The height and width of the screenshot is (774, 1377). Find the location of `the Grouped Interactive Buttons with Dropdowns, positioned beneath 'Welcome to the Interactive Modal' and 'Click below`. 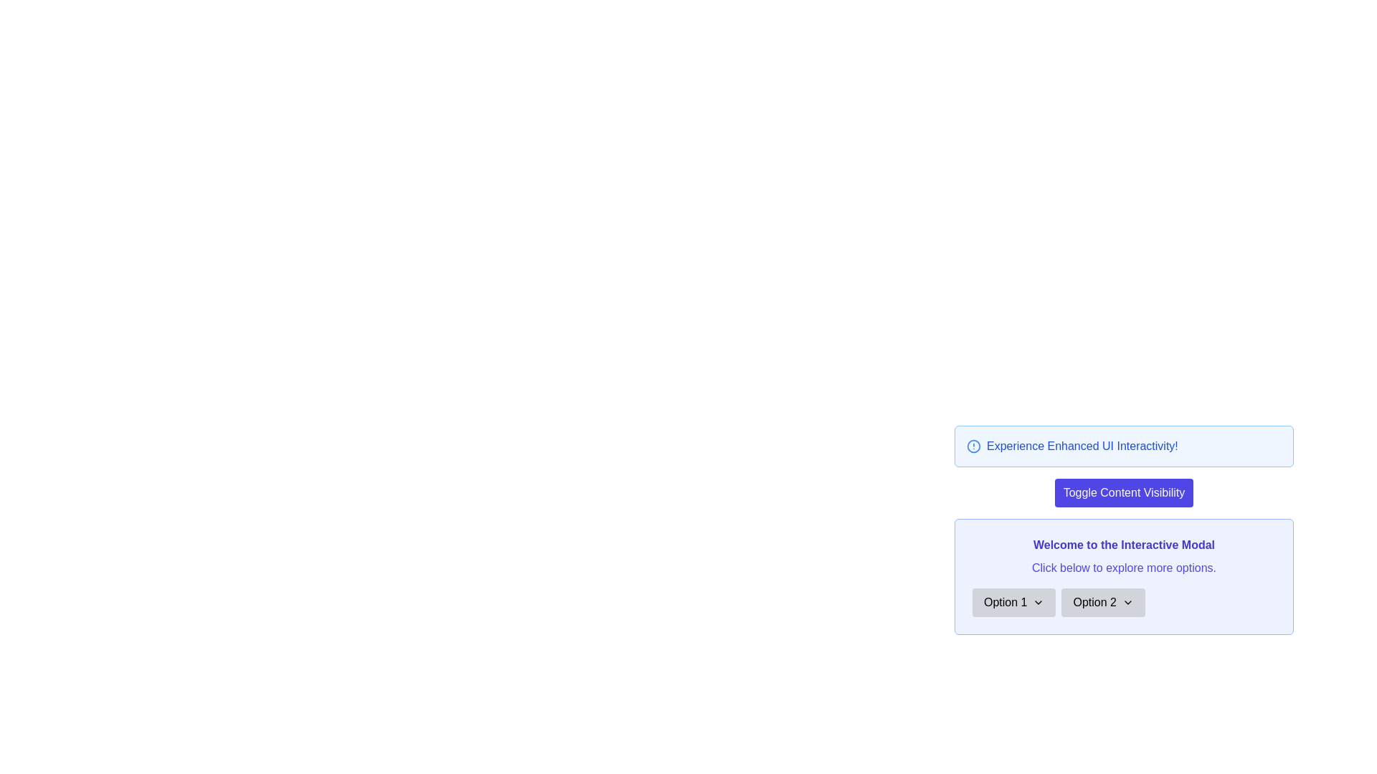

the Grouped Interactive Buttons with Dropdowns, positioned beneath 'Welcome to the Interactive Modal' and 'Click below is located at coordinates (1123, 597).